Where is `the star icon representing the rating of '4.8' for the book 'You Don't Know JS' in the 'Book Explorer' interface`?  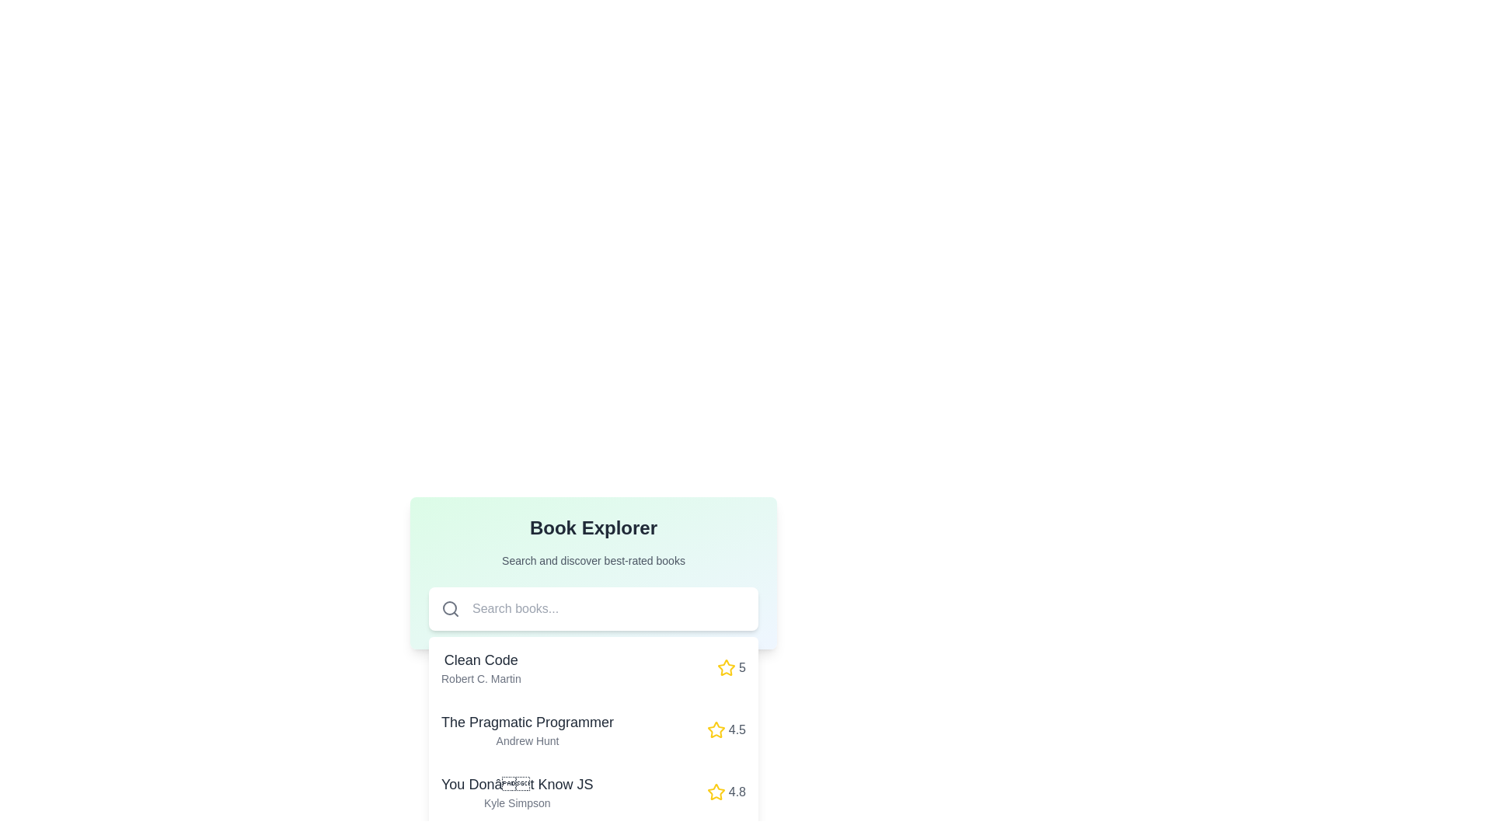 the star icon representing the rating of '4.8' for the book 'You Don't Know JS' in the 'Book Explorer' interface is located at coordinates (715, 792).